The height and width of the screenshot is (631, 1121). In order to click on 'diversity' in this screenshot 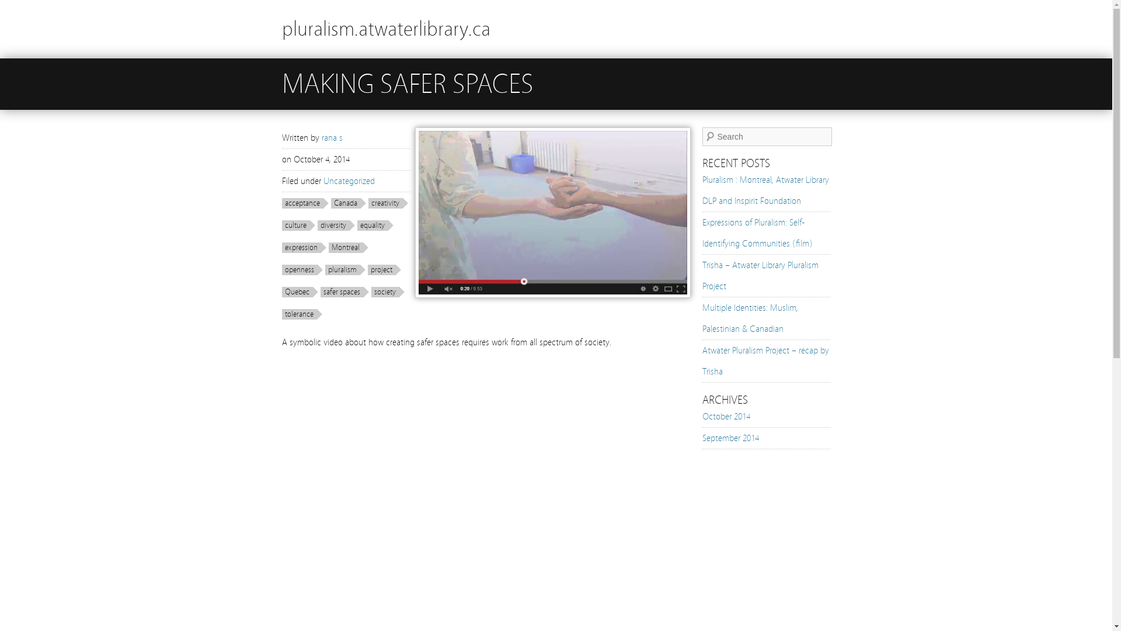, I will do `click(336, 225)`.